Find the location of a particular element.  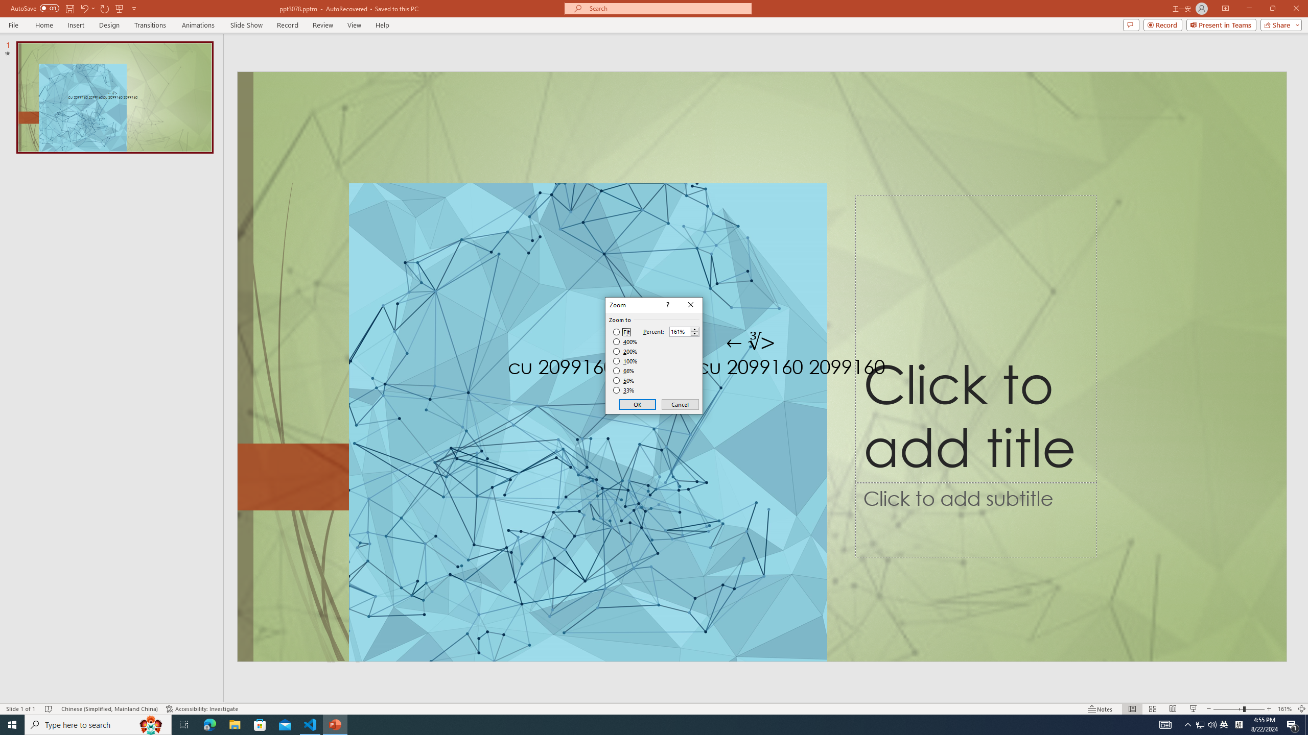

'Percent' is located at coordinates (680, 332).